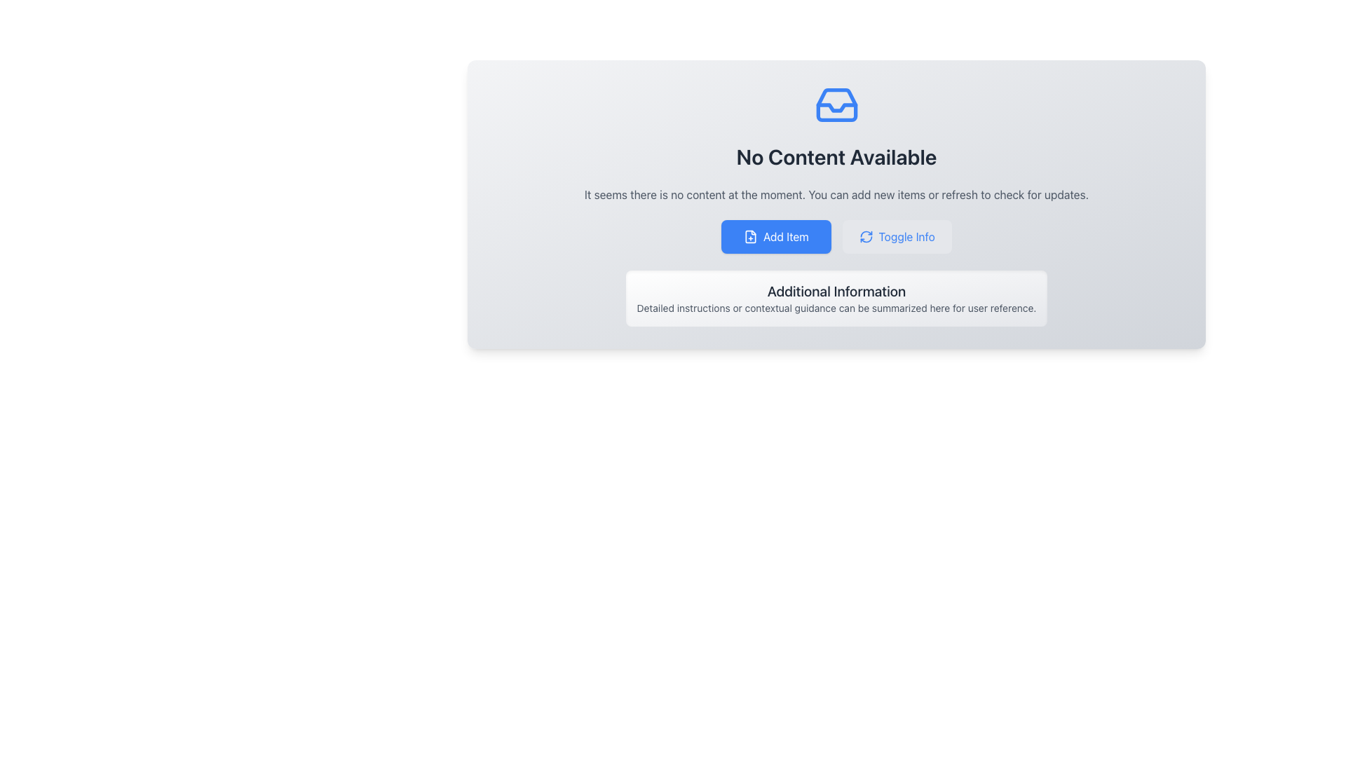 The width and height of the screenshot is (1346, 757). What do you see at coordinates (836, 307) in the screenshot?
I see `text from the Text block located below the title 'Additional Information', which provides detailed instructions or contextual guidance` at bounding box center [836, 307].